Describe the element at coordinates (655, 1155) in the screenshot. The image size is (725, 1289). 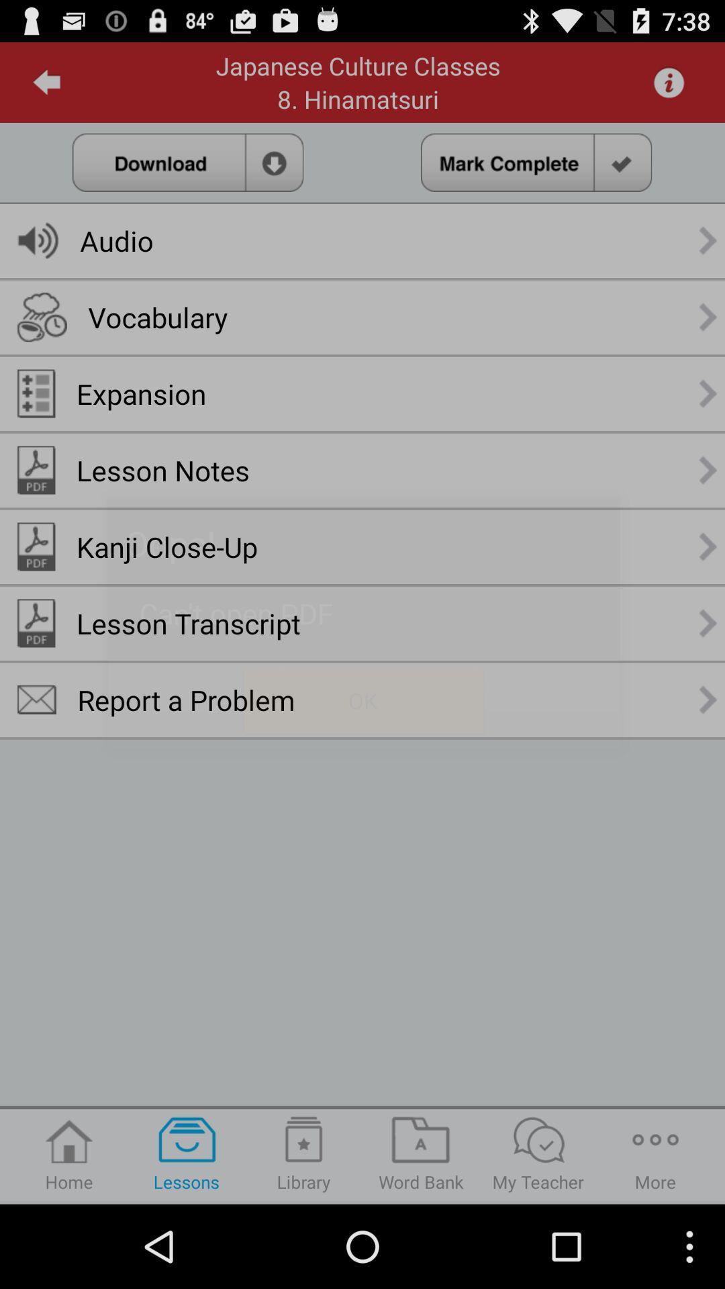
I see `the button next to my teacher` at that location.